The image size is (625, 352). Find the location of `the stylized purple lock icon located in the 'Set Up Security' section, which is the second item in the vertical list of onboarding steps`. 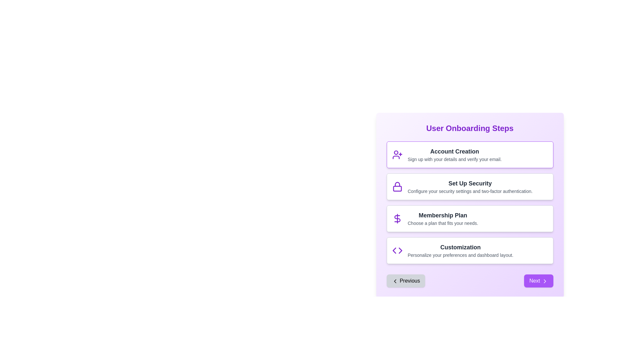

the stylized purple lock icon located in the 'Set Up Security' section, which is the second item in the vertical list of onboarding steps is located at coordinates (397, 187).